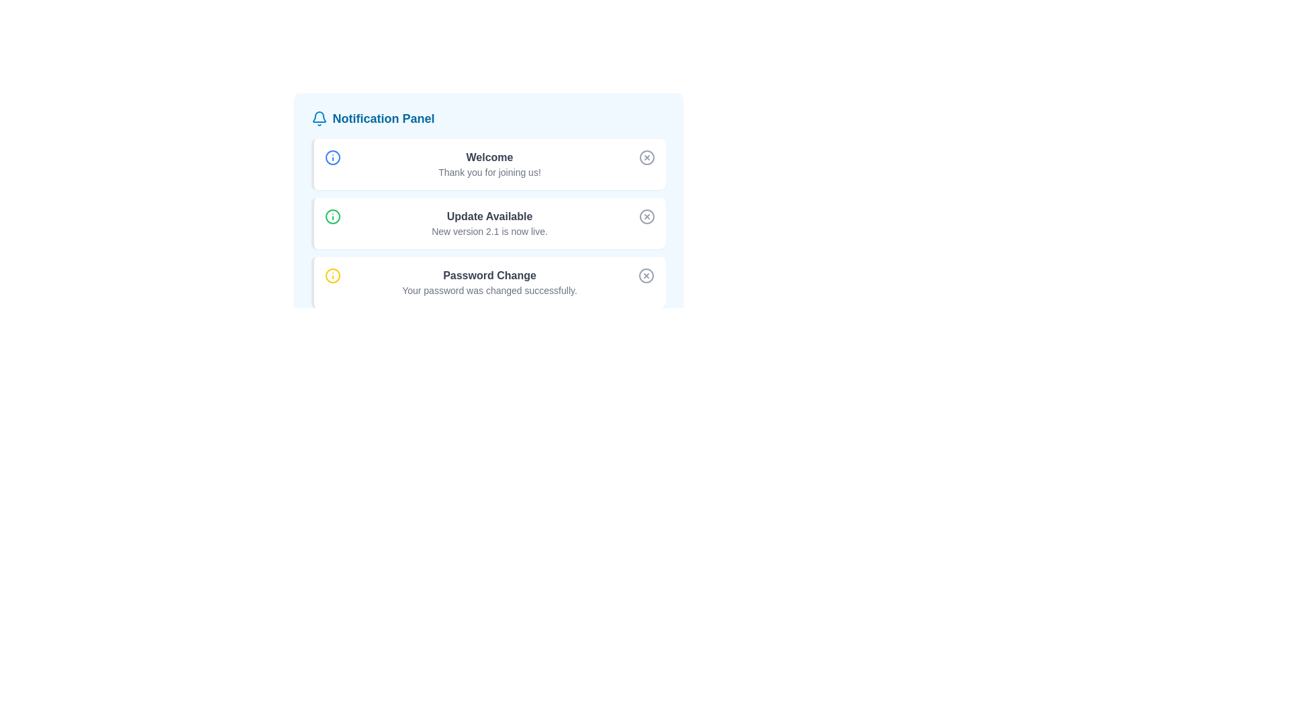 Image resolution: width=1289 pixels, height=725 pixels. Describe the element at coordinates (487, 164) in the screenshot. I see `the first notification card in the notification panel, which serves as a welcome alert to the user` at that location.